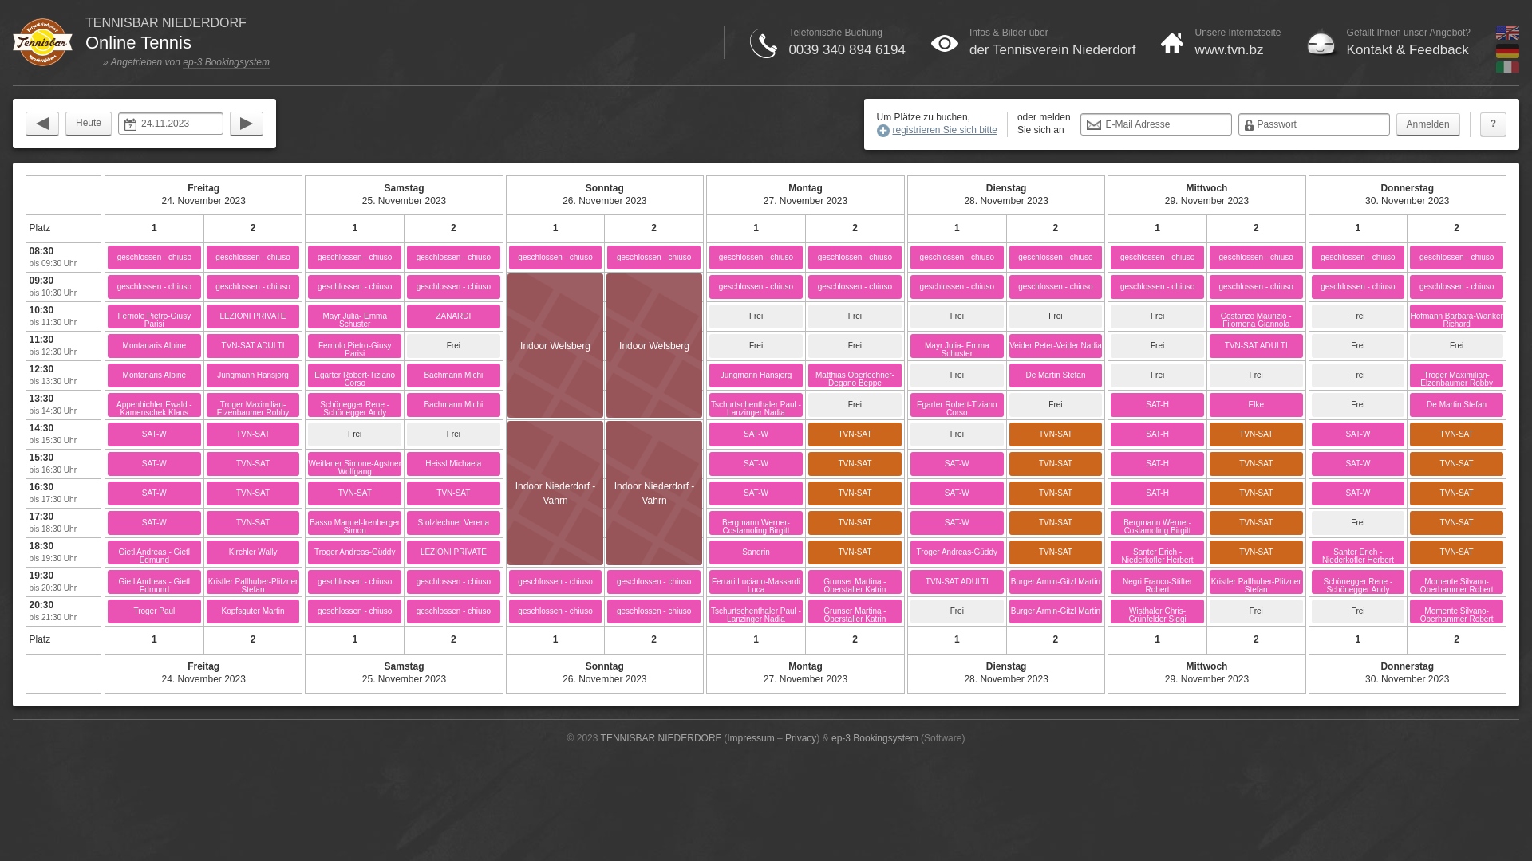 Image resolution: width=1532 pixels, height=861 pixels. Describe the element at coordinates (1210, 404) in the screenshot. I see `'Elke'` at that location.